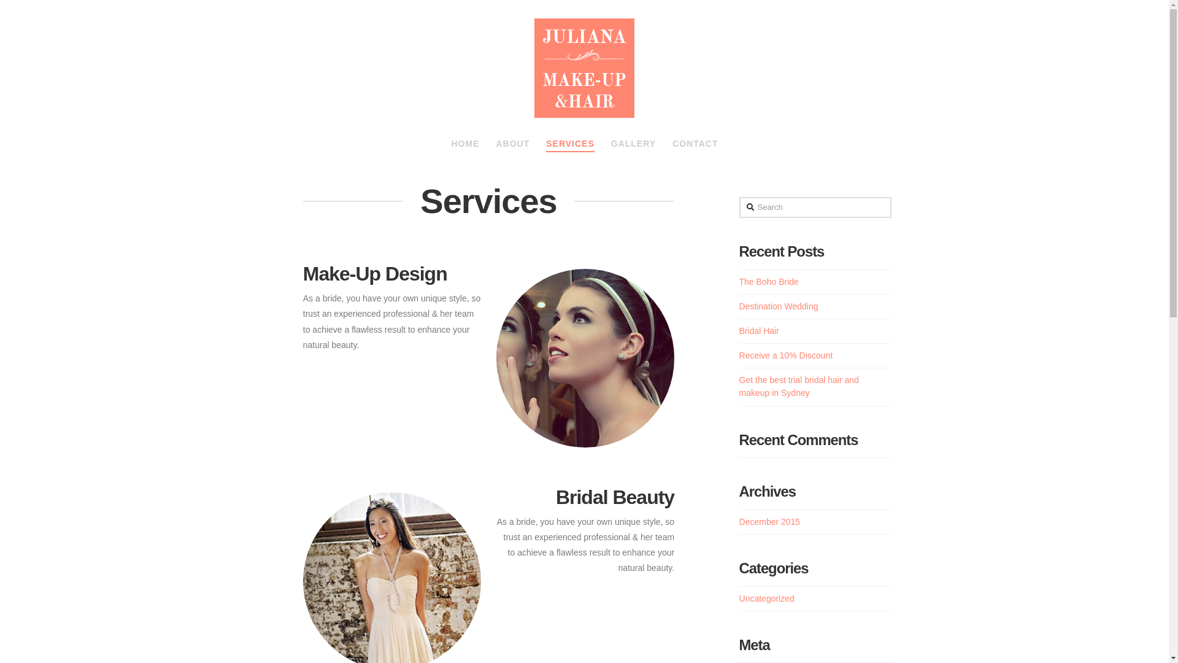  Describe the element at coordinates (768, 282) in the screenshot. I see `'The Boho Bride'` at that location.